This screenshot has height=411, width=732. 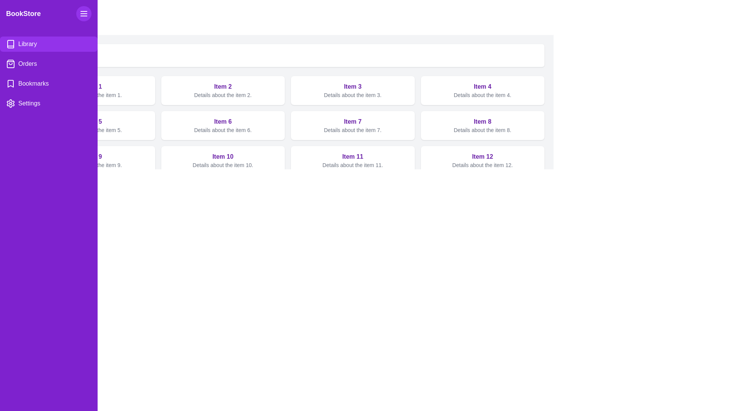 What do you see at coordinates (11, 44) in the screenshot?
I see `the book-shaped SVG icon located in the left sidebar navigation menu` at bounding box center [11, 44].